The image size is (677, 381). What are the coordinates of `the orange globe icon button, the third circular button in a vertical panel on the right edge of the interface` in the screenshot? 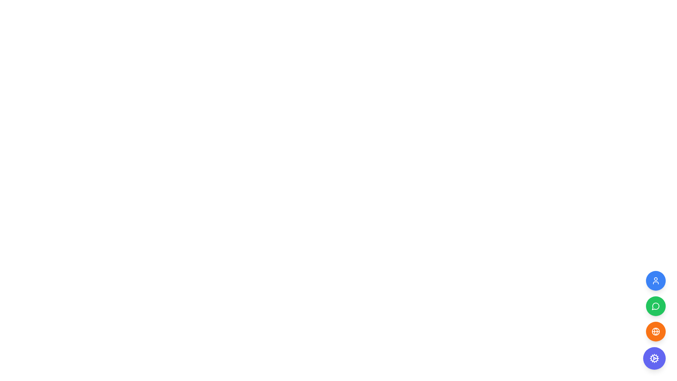 It's located at (655, 332).